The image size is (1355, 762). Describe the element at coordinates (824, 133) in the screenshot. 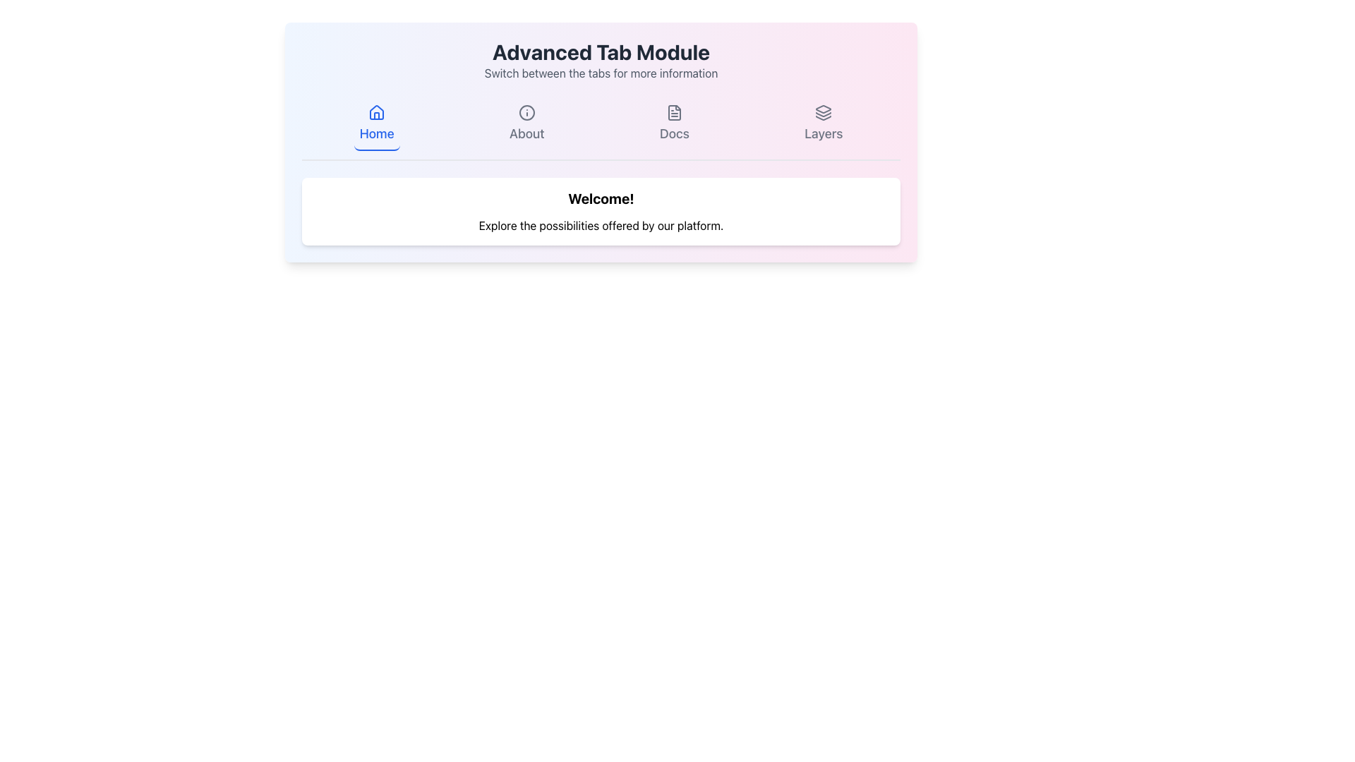

I see `the 'Layers' text label in the navigation menu, which is styled in a medium-sized sans-serif font and located under a stack-like icon` at that location.